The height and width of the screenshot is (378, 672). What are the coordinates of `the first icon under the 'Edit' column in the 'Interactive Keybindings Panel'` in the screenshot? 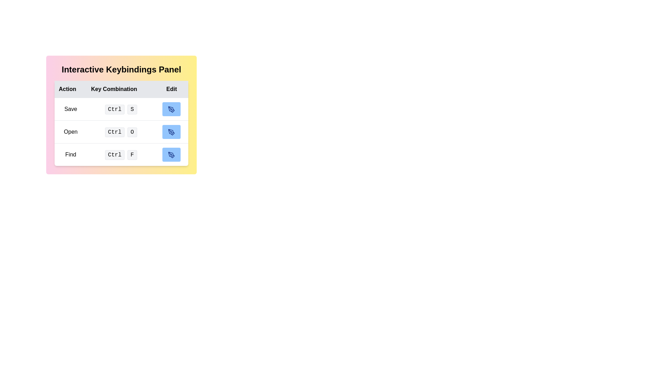 It's located at (171, 109).